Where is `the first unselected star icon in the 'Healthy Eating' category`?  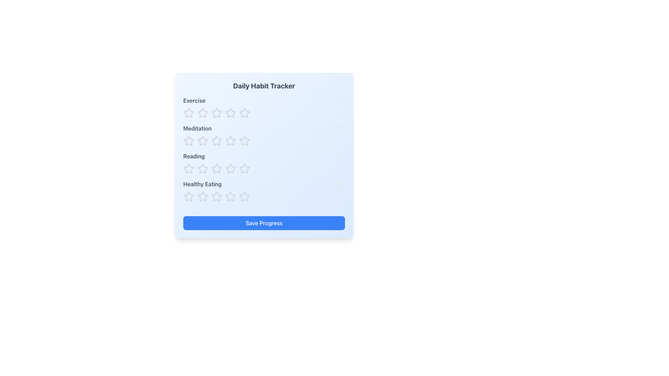
the first unselected star icon in the 'Healthy Eating' category is located at coordinates (202, 196).